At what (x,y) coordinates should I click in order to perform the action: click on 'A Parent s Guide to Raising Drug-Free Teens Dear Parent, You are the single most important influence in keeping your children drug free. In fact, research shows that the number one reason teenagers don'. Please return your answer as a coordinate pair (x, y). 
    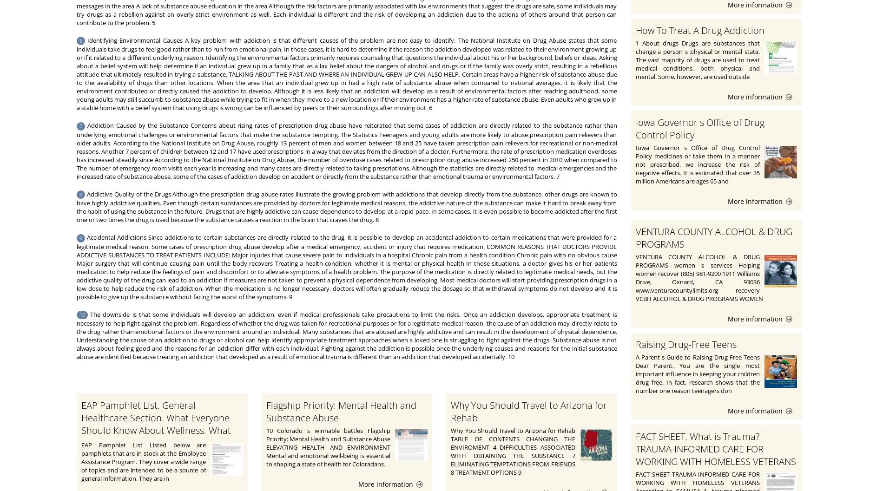
    Looking at the image, I should click on (635, 373).